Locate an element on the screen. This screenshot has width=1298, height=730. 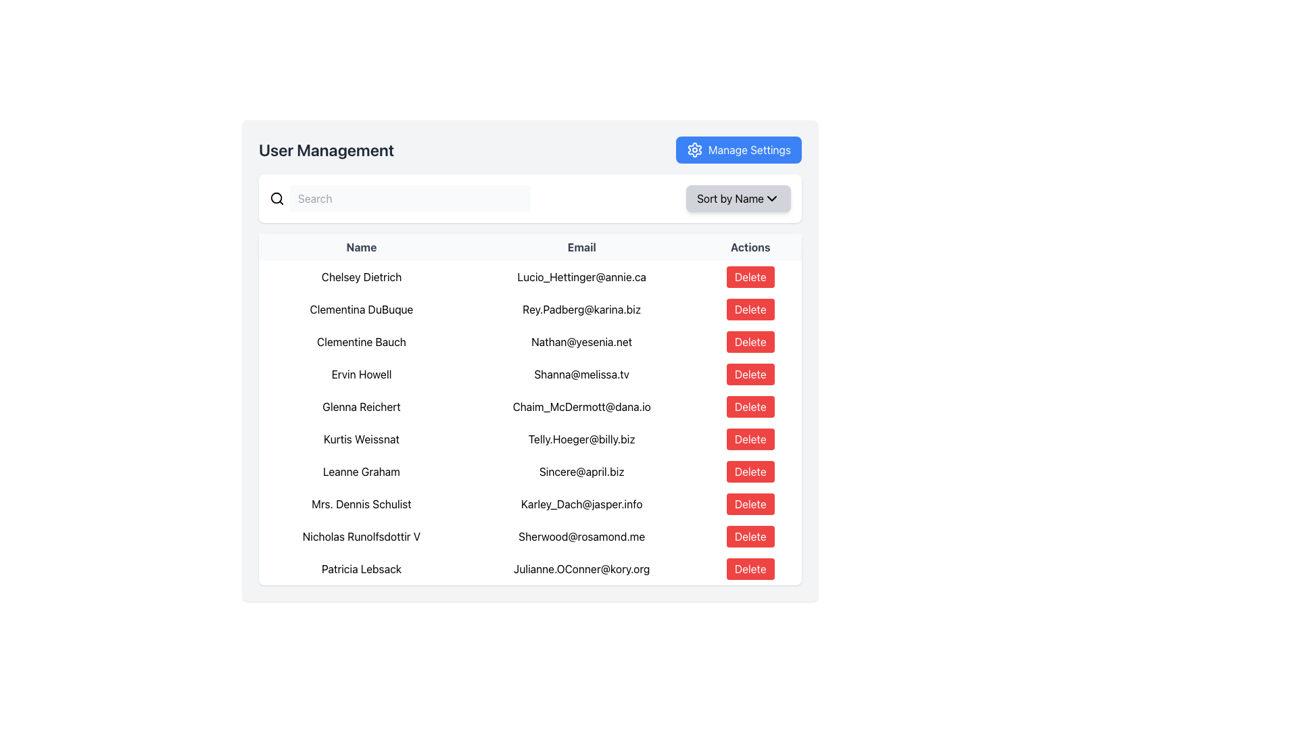
the Text Label displaying the email address 'Telly.Hoeger@billy.biz' in the 'Email' column of the row for user 'Kurtis Weissnat' is located at coordinates (581, 439).